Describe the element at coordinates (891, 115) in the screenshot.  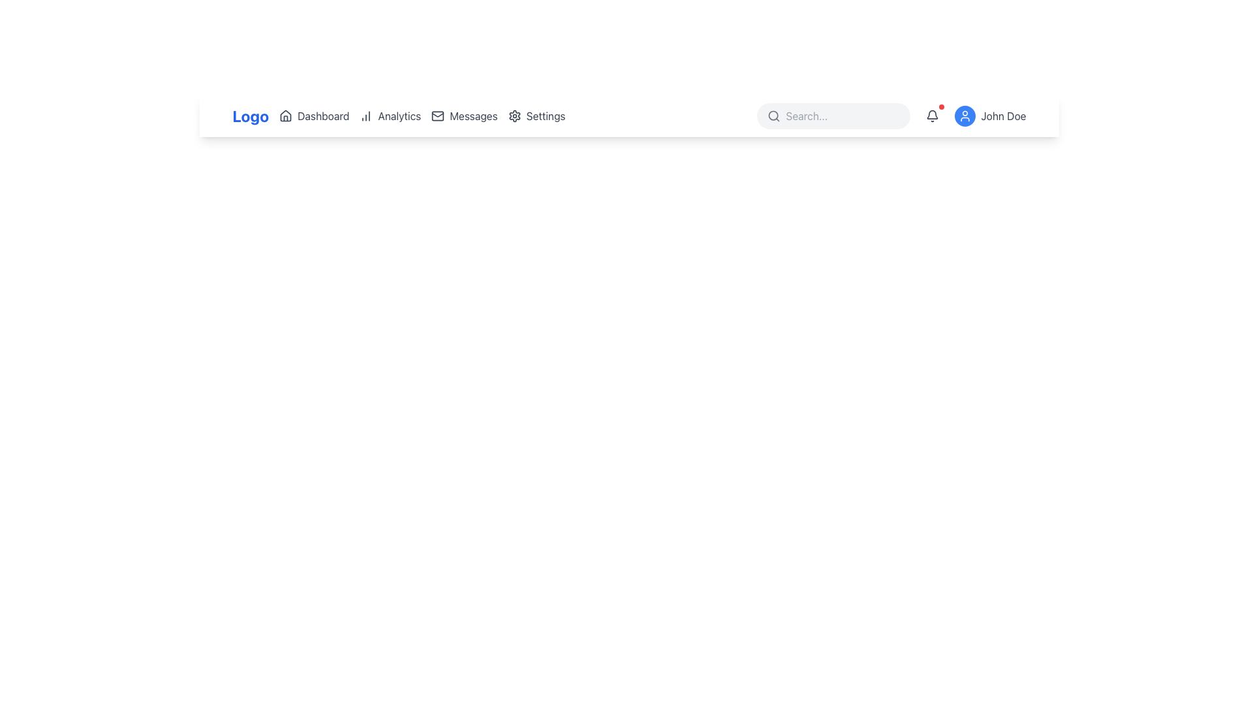
I see `the horizontal navigation group of controls located in the top-right corner of the interface for visual feedback indicating interactivity` at that location.